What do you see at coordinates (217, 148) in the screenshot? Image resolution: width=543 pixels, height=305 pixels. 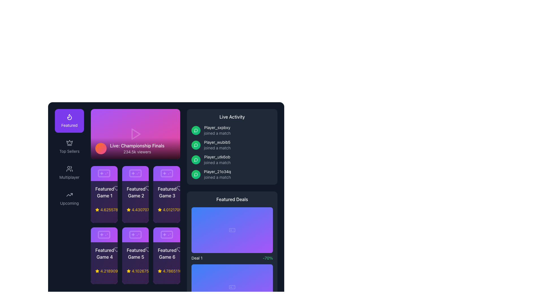 I see `the text label displaying 'joined a match' in light gray font, which is located below the 'Player_wubib5' text in the 'Live Activity' panel` at bounding box center [217, 148].